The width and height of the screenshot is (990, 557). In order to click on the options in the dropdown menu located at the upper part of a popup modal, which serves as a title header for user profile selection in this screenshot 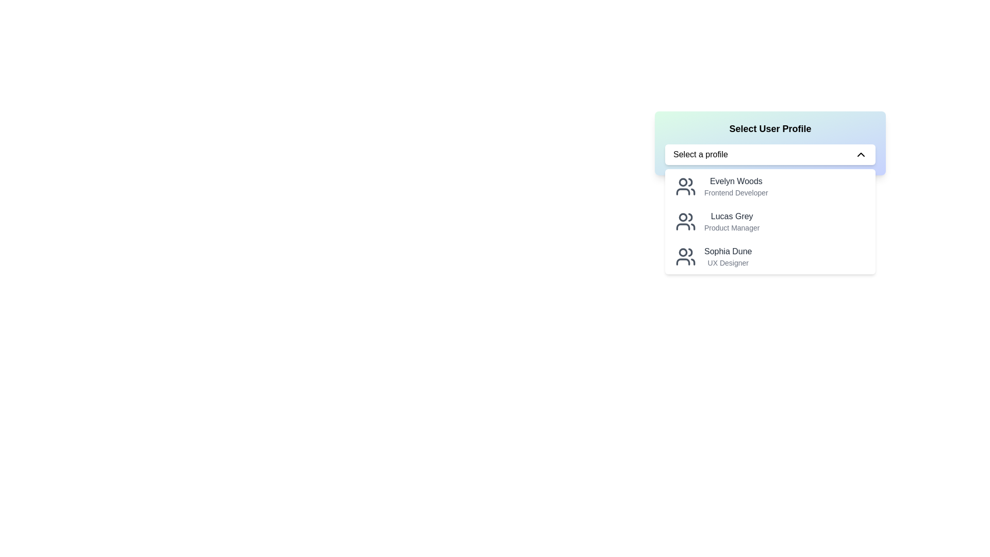, I will do `click(770, 143)`.